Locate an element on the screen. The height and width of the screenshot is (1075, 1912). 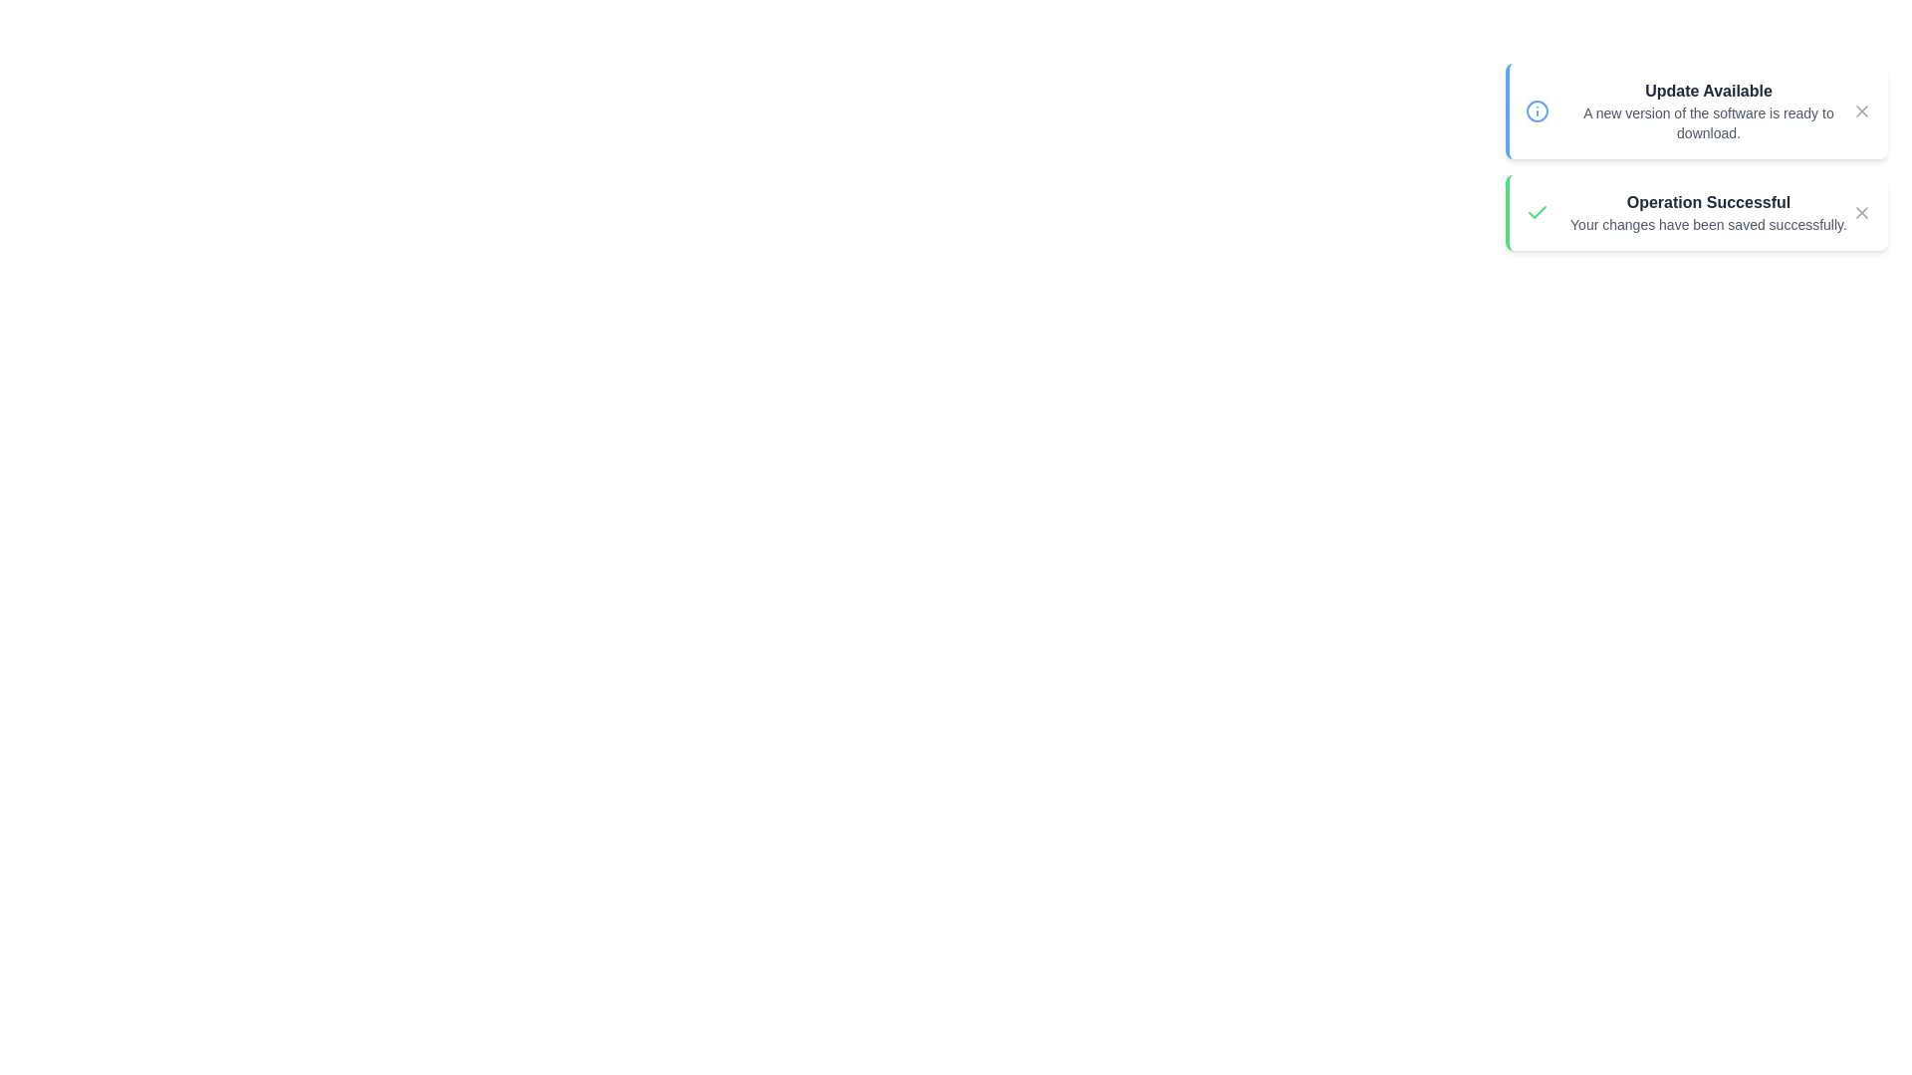
the close button located at the top-right corner of the notification card, adjacent to the text 'Update Available', to change its color is located at coordinates (1861, 110).